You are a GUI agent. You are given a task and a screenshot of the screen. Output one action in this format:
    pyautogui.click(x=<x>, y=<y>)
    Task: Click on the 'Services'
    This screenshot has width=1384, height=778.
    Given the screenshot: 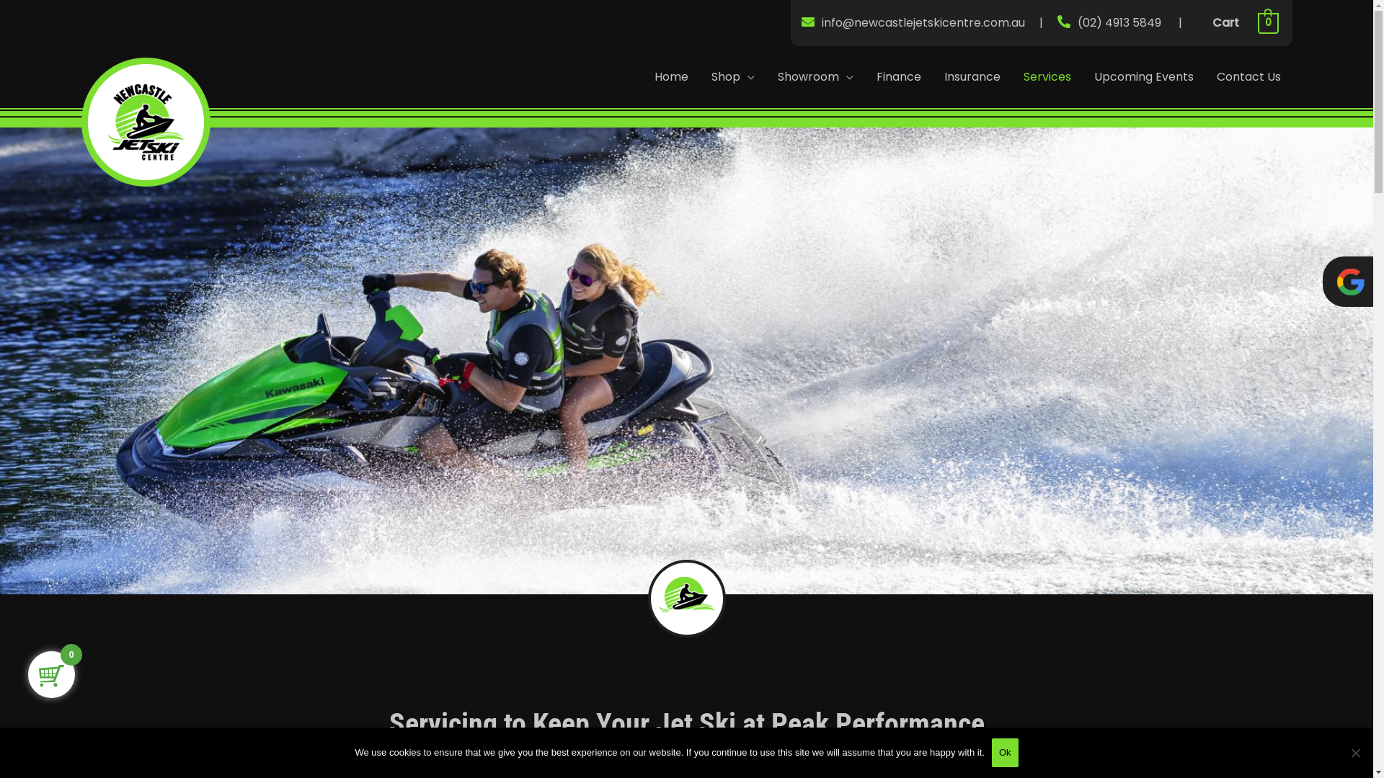 What is the action you would take?
    pyautogui.click(x=1047, y=77)
    